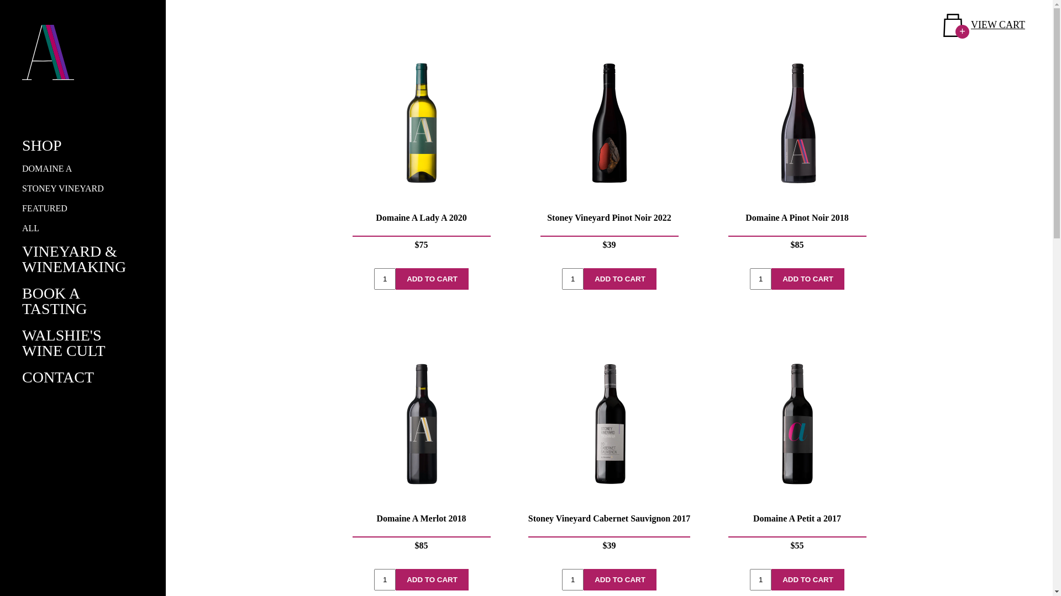 The image size is (1061, 596). I want to click on 'DOMAINE A', so click(46, 168).